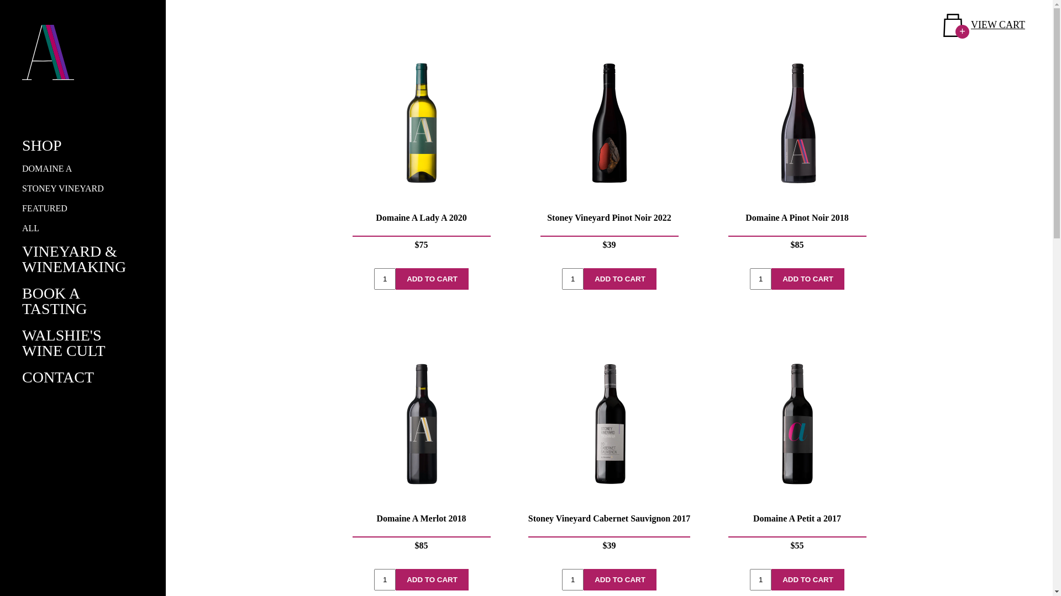 The image size is (1061, 596). I want to click on 'DOMAINE A', so click(46, 168).